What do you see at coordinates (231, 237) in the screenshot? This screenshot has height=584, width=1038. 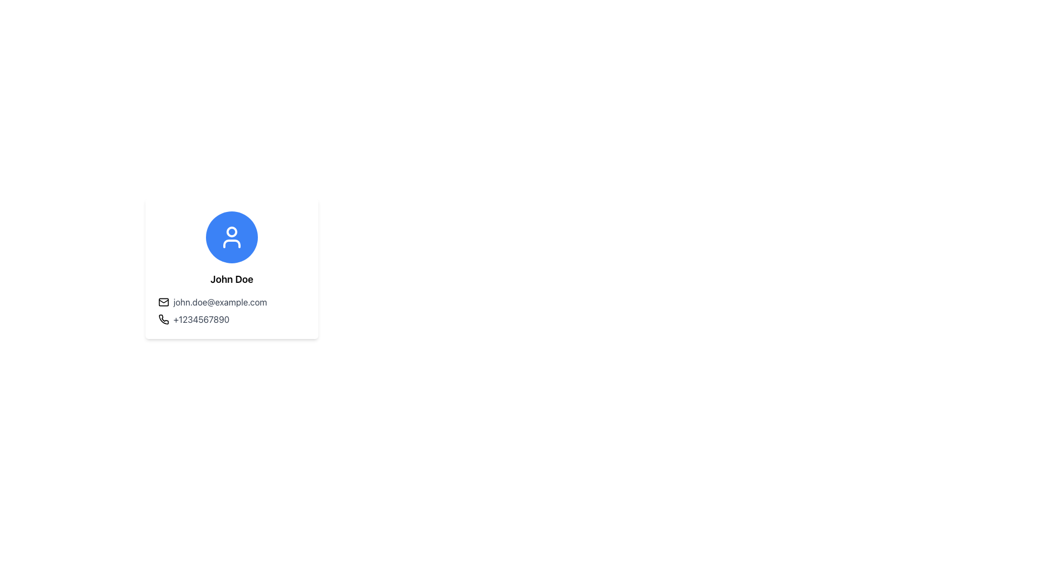 I see `the Avatar icon located above the text 'John Doe'` at bounding box center [231, 237].